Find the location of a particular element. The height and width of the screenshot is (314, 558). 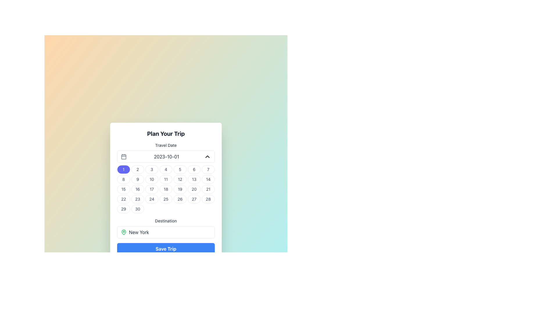

the Interactive calendar day button displaying the number '2' is located at coordinates (137, 169).